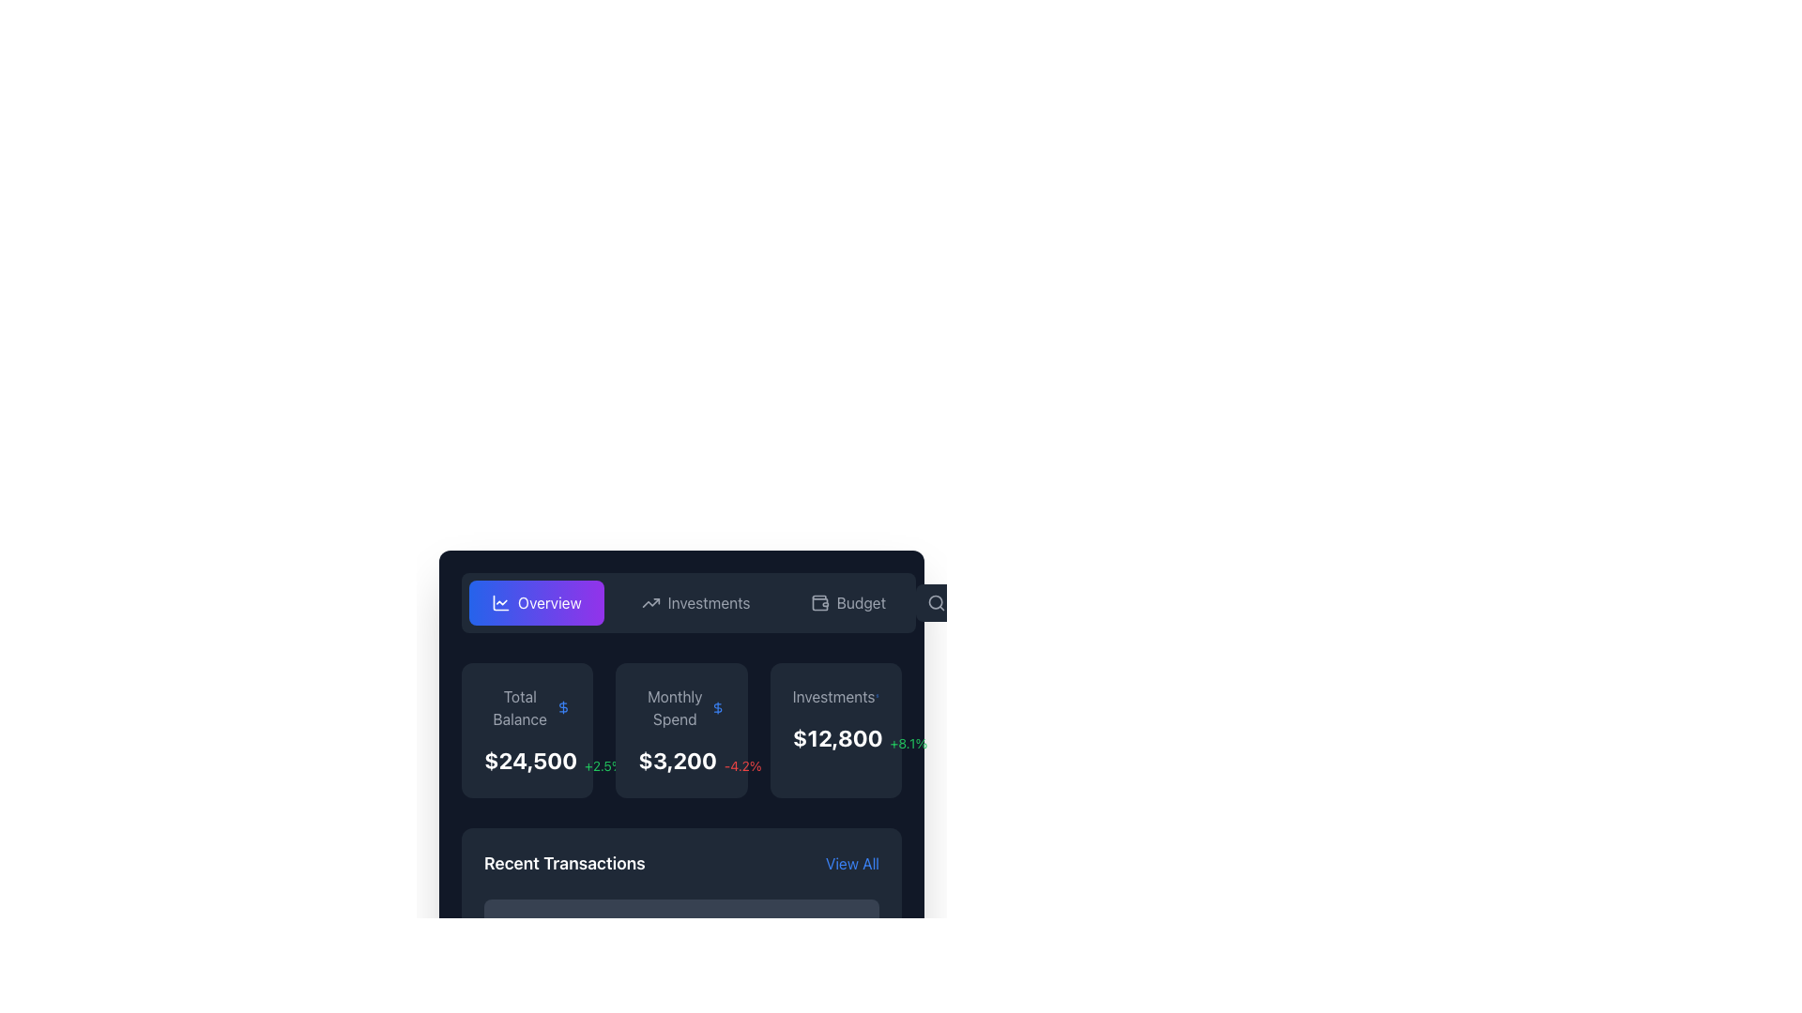 The width and height of the screenshot is (1802, 1013). Describe the element at coordinates (680, 760) in the screenshot. I see `the text display element showing '$3,200' with a smaller red text '-4.2%' located in the 'Monthly Spend' box` at that location.